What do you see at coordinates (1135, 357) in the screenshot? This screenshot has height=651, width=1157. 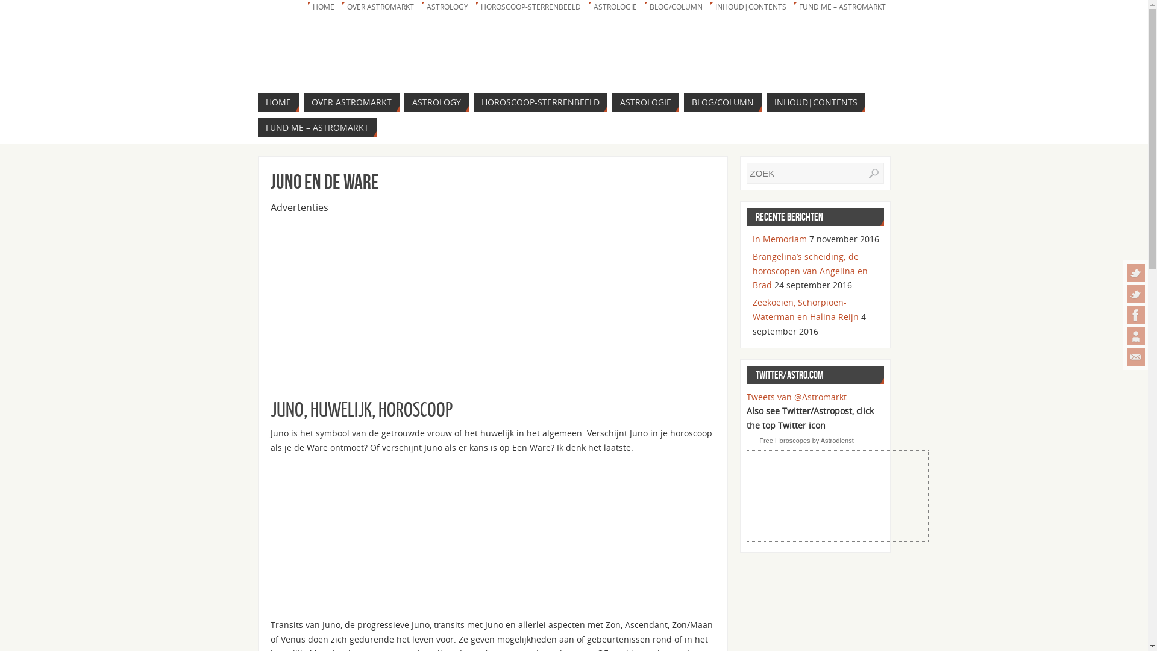 I see `'Astromarkt@gmail.com'` at bounding box center [1135, 357].